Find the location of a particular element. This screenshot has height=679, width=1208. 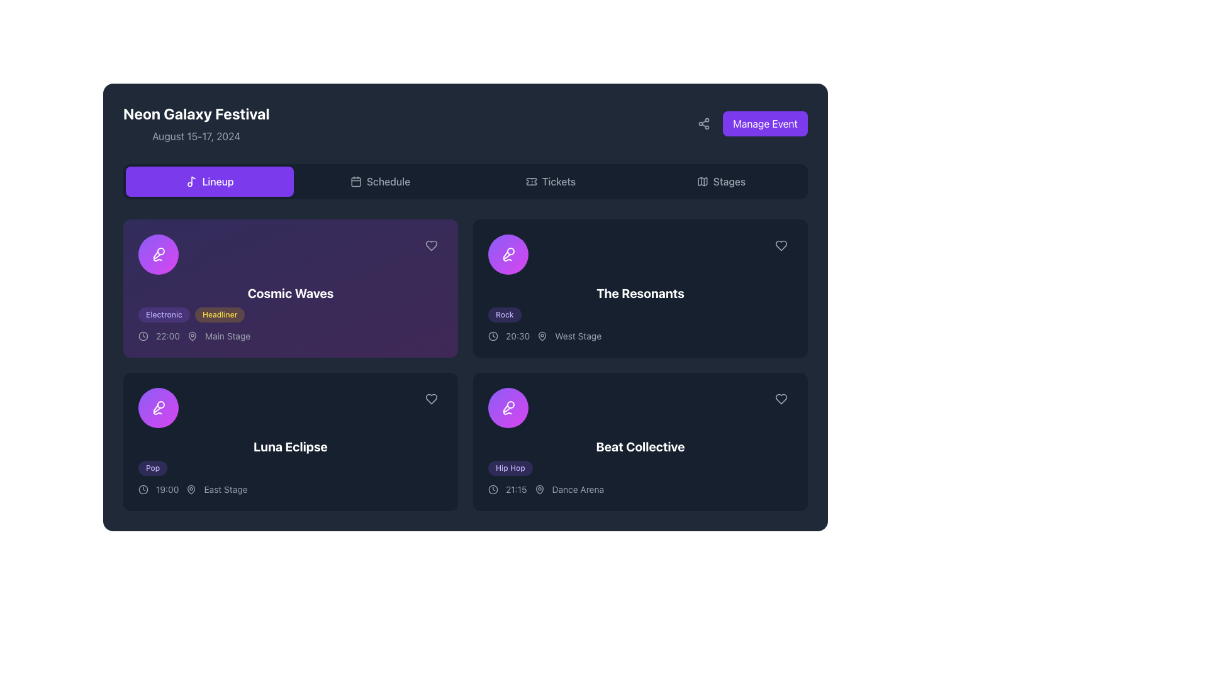

the clock icon, which is a minimalistic design with a circular outline and clock hands, located to the left of the time text '22:00' is located at coordinates (143, 336).